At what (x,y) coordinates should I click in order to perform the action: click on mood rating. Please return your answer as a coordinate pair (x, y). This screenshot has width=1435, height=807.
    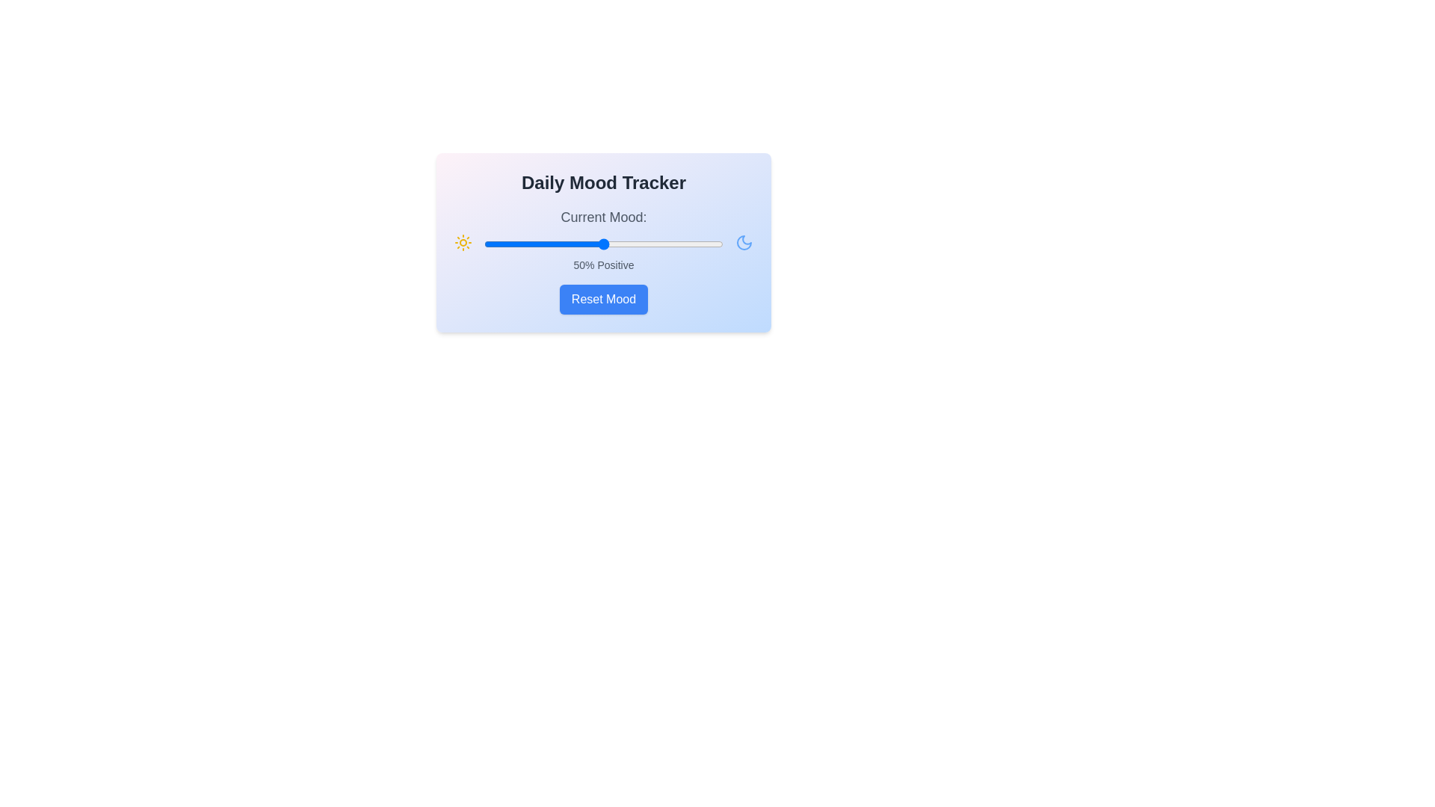
    Looking at the image, I should click on (644, 244).